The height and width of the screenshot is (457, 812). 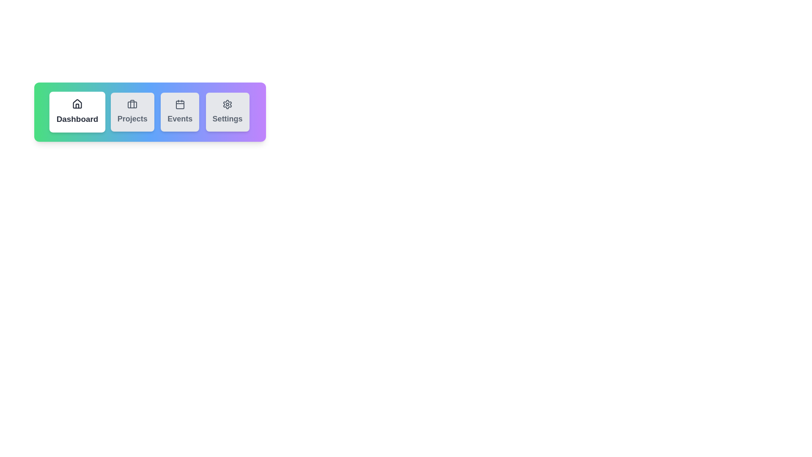 I want to click on the Events tab to activate it, so click(x=180, y=112).